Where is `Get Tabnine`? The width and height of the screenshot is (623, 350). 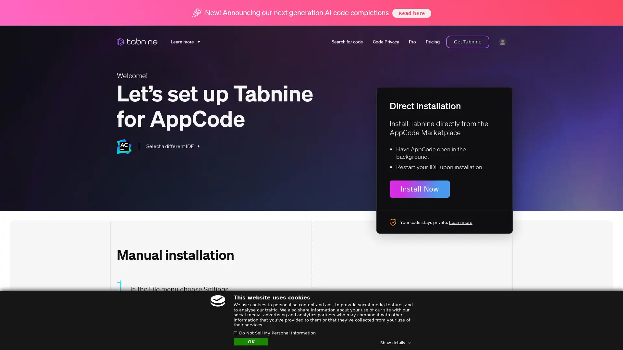 Get Tabnine is located at coordinates (468, 41).